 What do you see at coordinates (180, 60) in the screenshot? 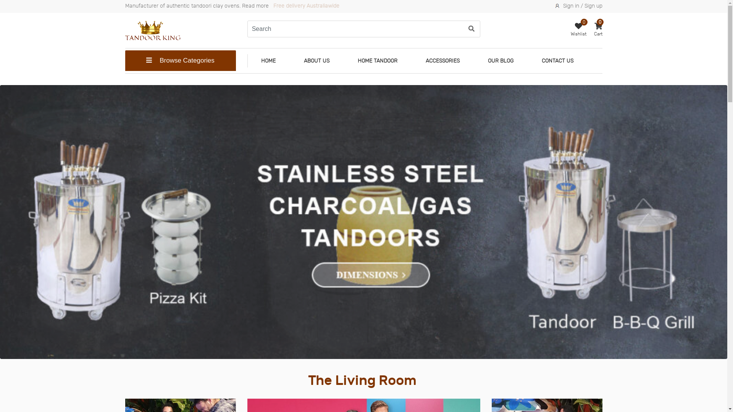
I see `'Browse Categories'` at bounding box center [180, 60].